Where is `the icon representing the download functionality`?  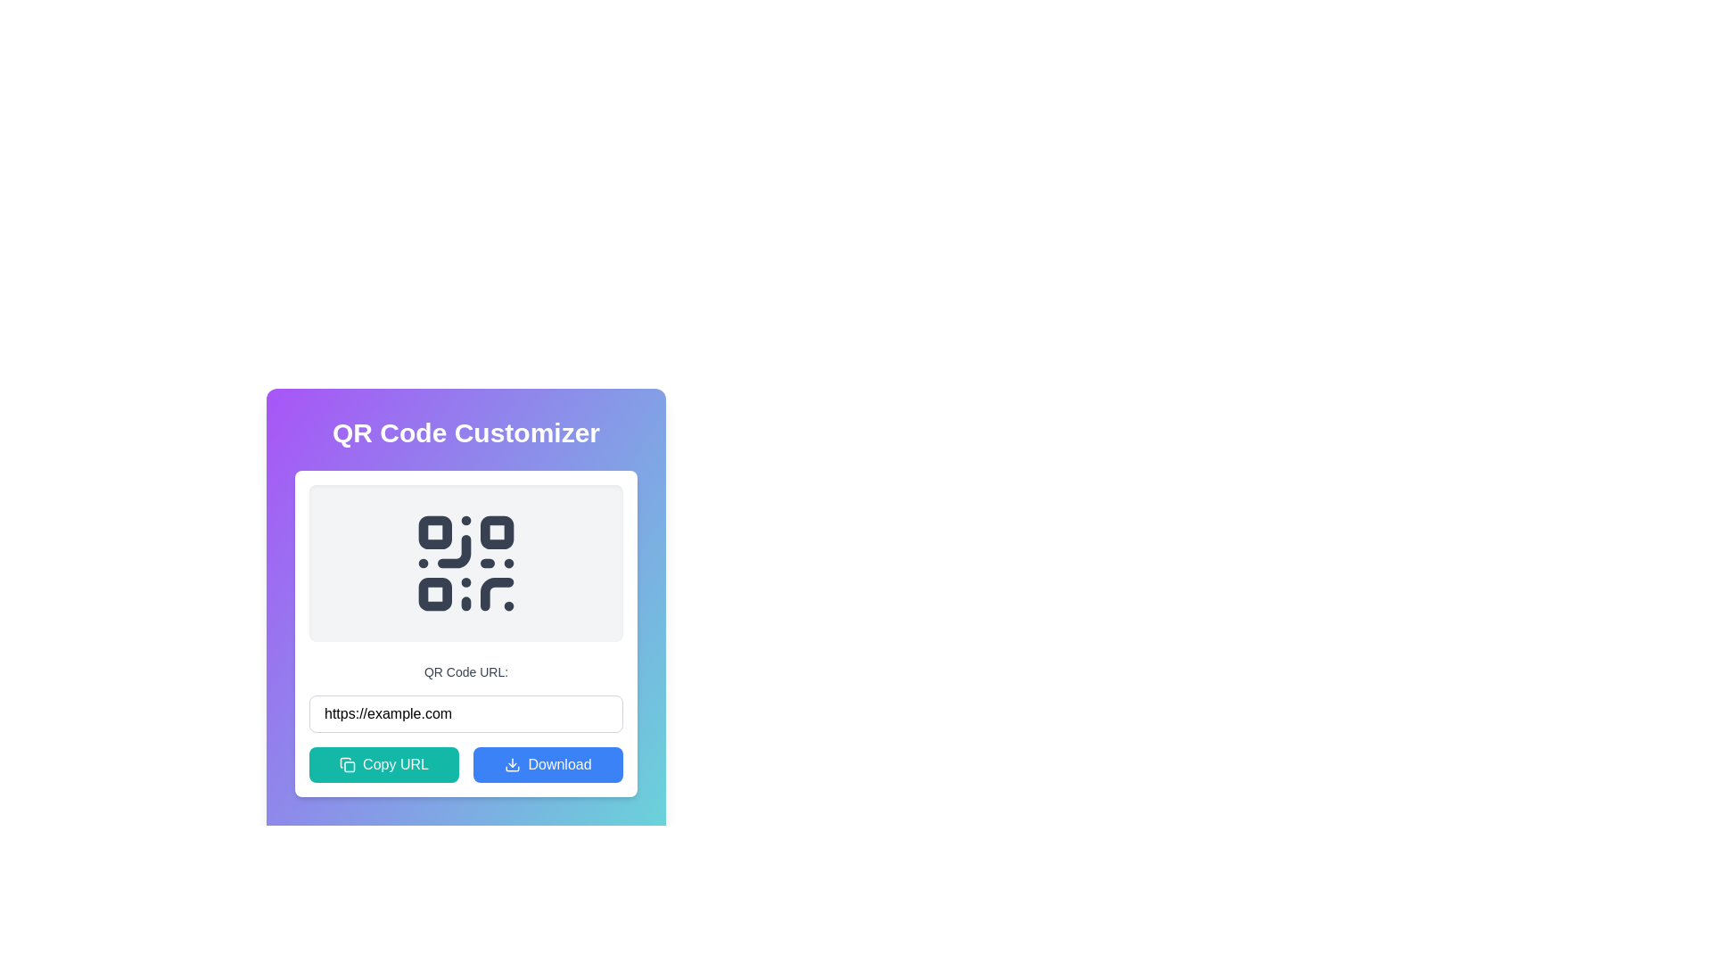 the icon representing the download functionality is located at coordinates (512, 763).